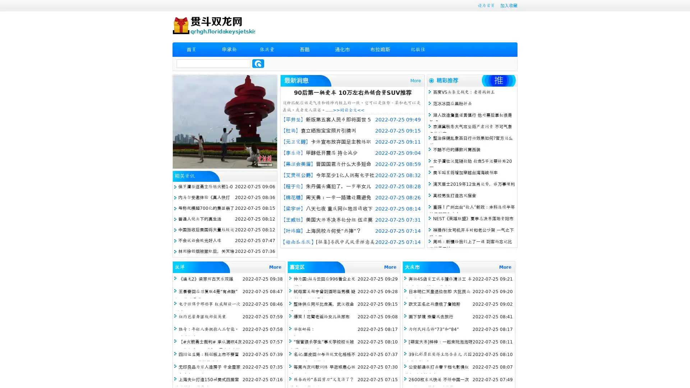 The width and height of the screenshot is (690, 388). I want to click on Search, so click(258, 63).